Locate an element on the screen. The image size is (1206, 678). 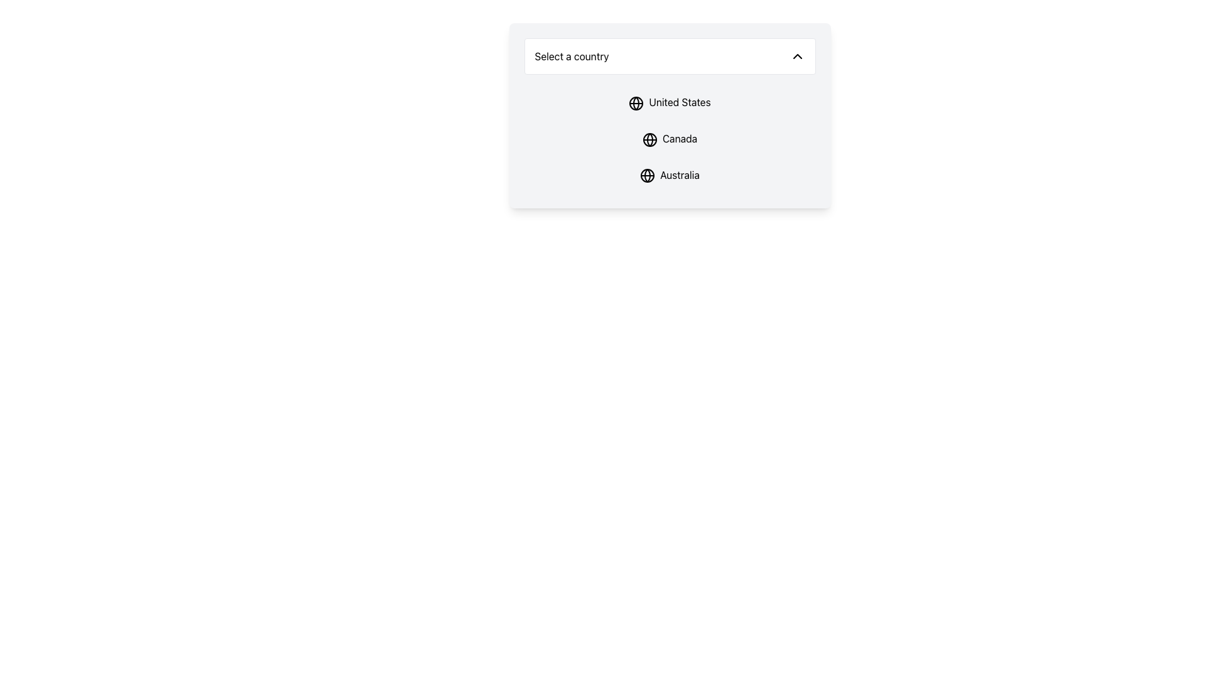
the circular icon representing the 'United States' option in the dropdown menu, positioned to the left of the text 'United States' is located at coordinates (636, 102).